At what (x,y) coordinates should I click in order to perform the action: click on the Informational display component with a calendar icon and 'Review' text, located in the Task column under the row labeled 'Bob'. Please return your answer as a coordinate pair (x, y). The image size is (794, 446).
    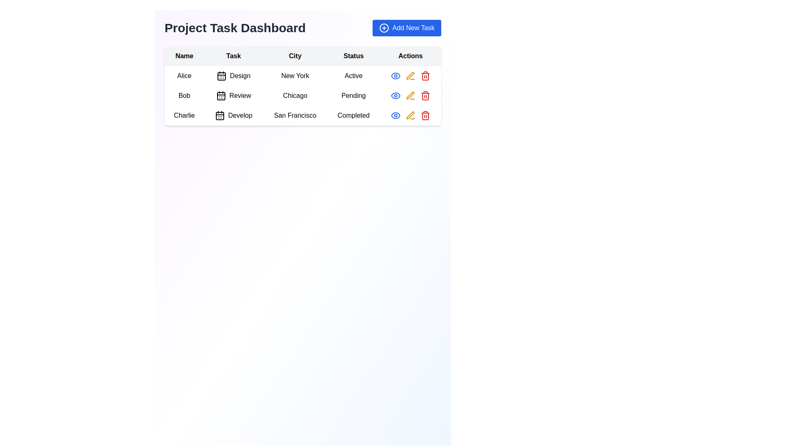
    Looking at the image, I should click on (233, 95).